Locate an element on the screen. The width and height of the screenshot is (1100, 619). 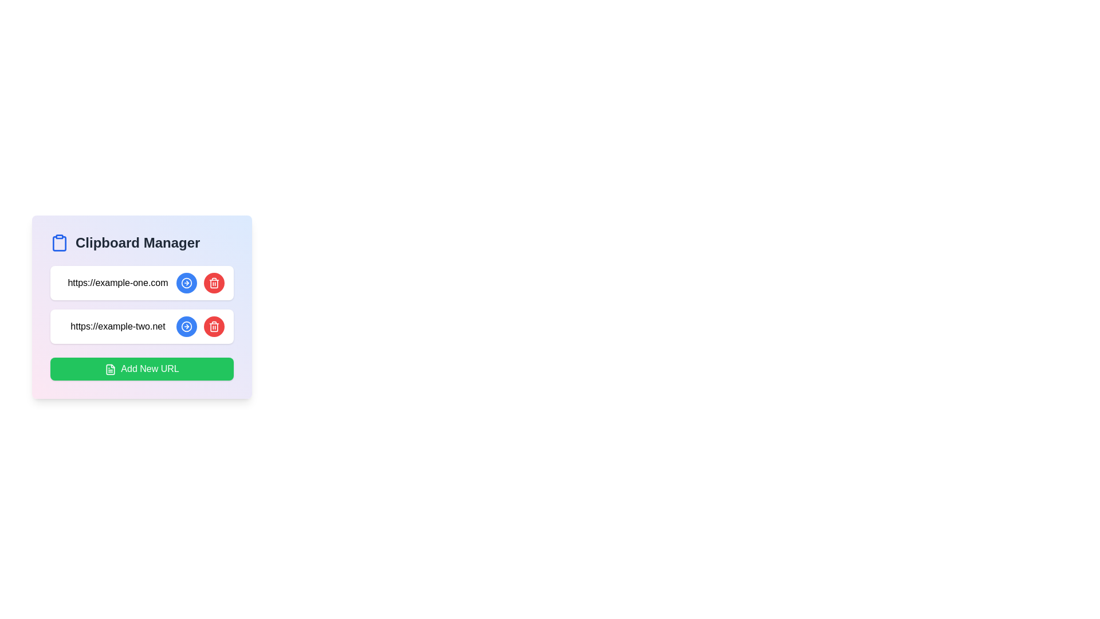
the first circular button with a right-pointing arrow inside, located next to the URL 'https://example-two.net' is located at coordinates (187, 327).